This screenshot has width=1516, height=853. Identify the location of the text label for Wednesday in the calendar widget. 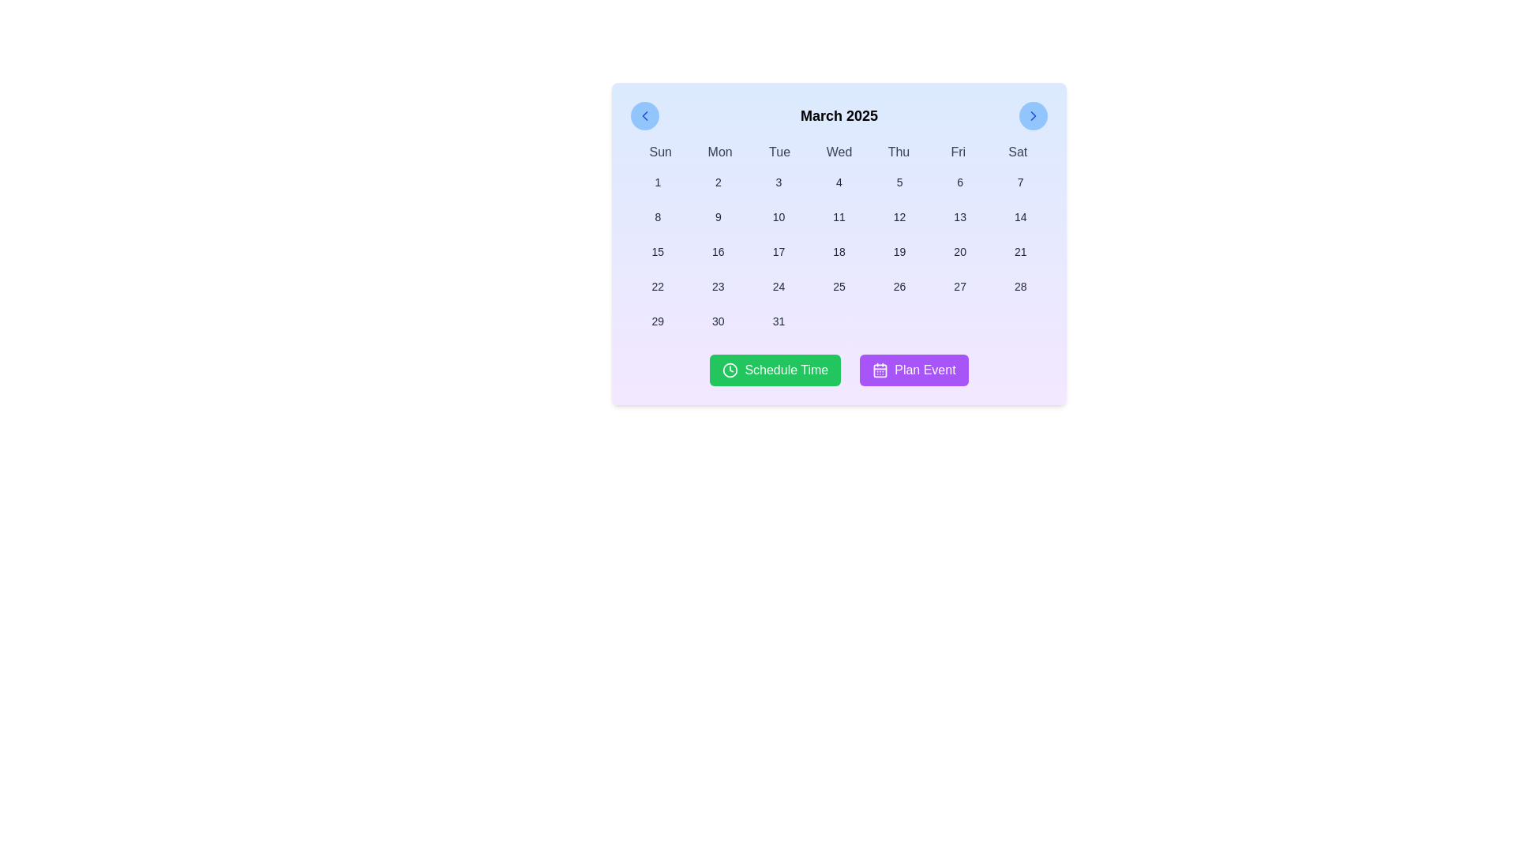
(838, 152).